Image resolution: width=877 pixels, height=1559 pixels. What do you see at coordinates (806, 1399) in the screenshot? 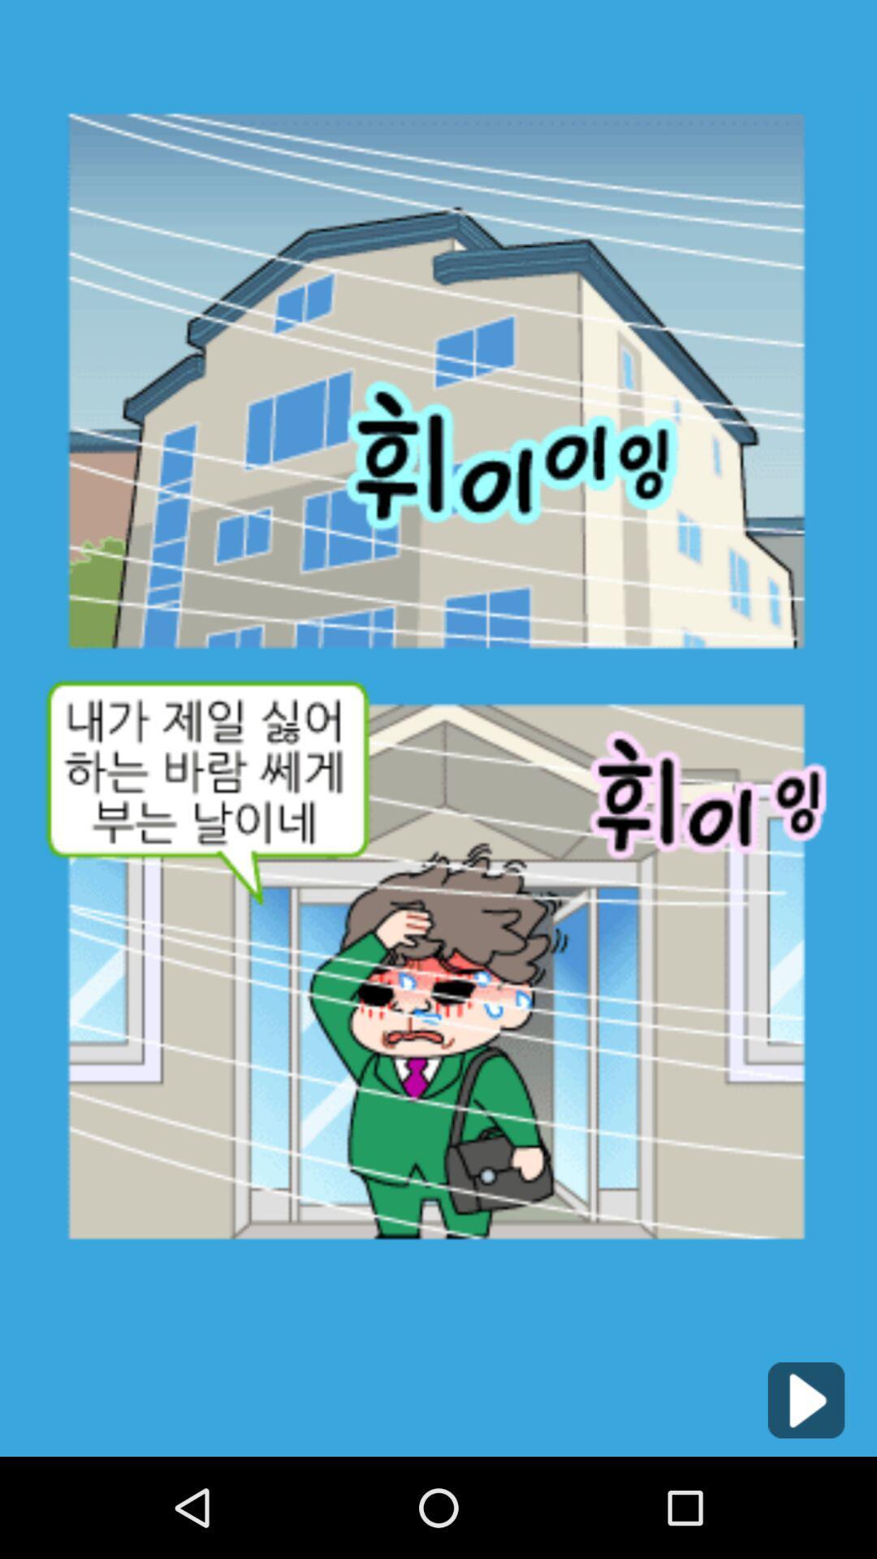
I see `next screen` at bounding box center [806, 1399].